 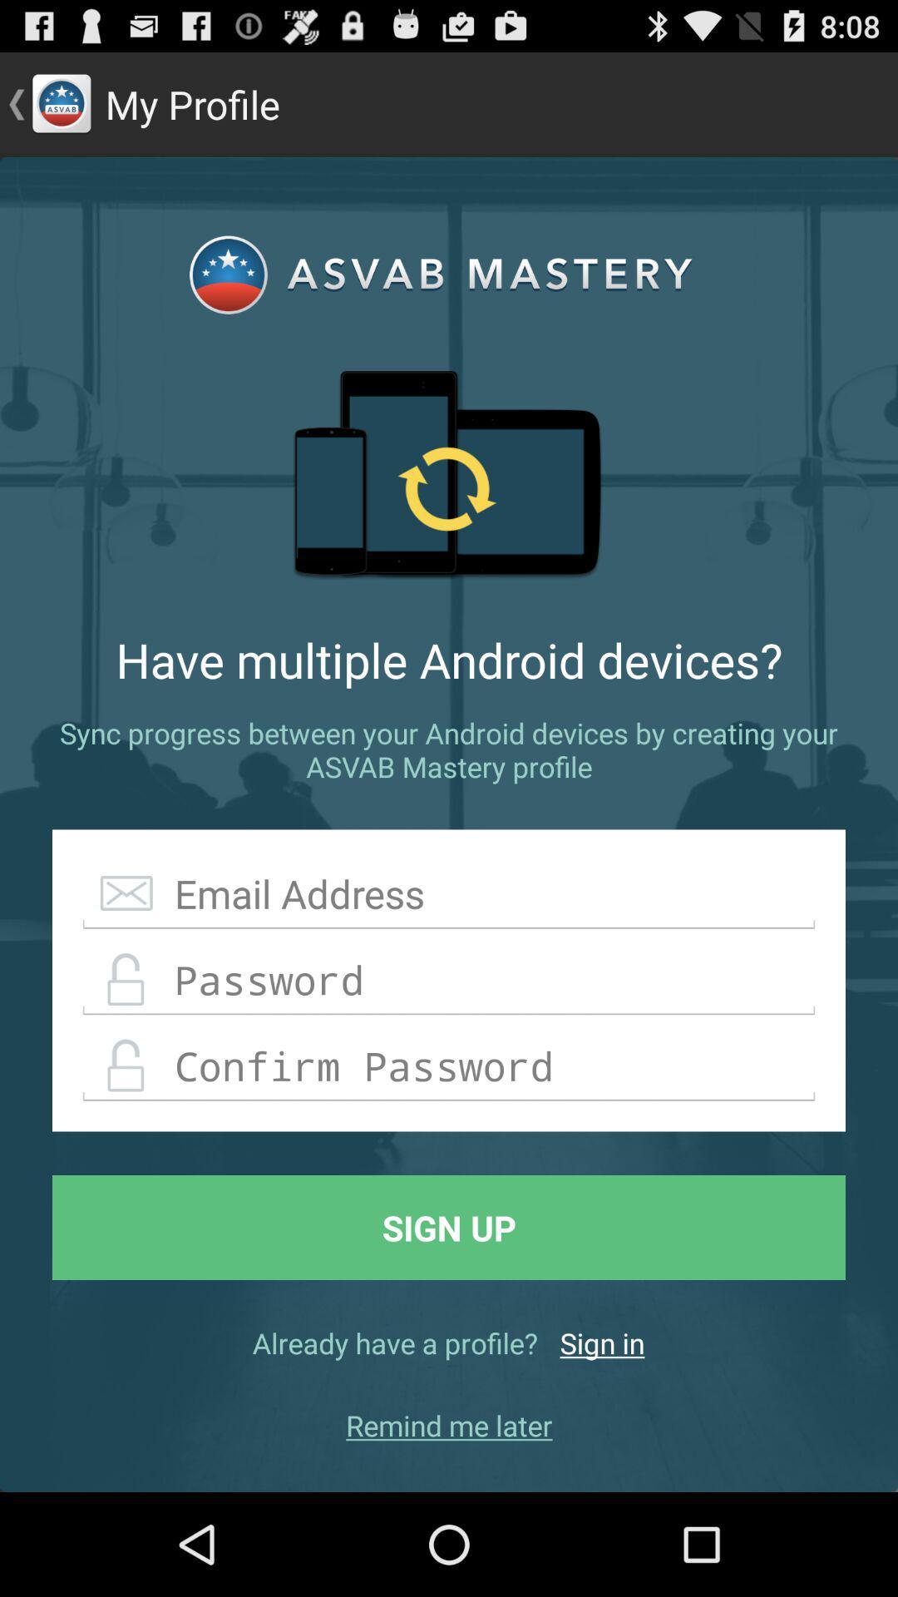 What do you see at coordinates (602, 1342) in the screenshot?
I see `item above remind me later app` at bounding box center [602, 1342].